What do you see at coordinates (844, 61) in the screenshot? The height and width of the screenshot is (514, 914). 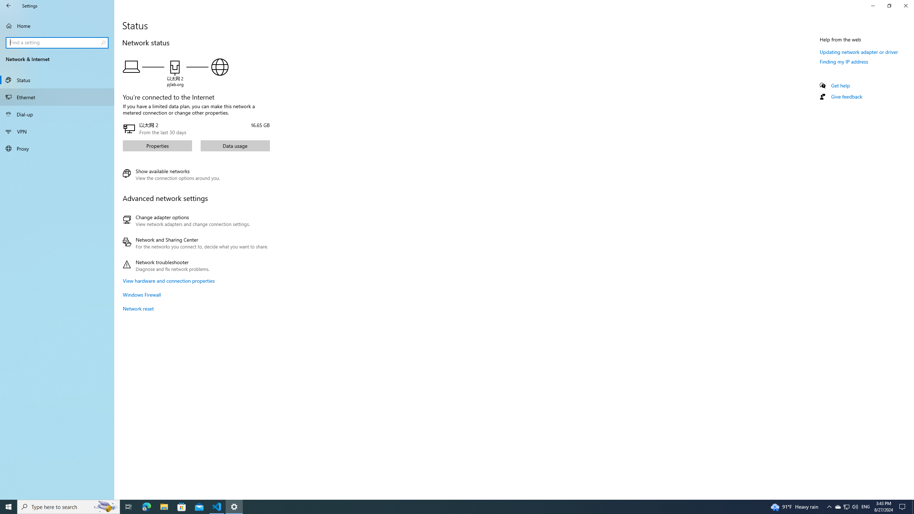 I see `'Finding my IP address'` at bounding box center [844, 61].